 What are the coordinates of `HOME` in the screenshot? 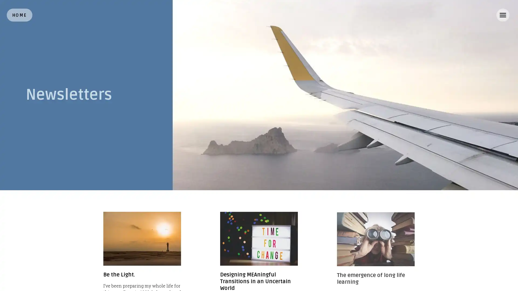 It's located at (19, 15).